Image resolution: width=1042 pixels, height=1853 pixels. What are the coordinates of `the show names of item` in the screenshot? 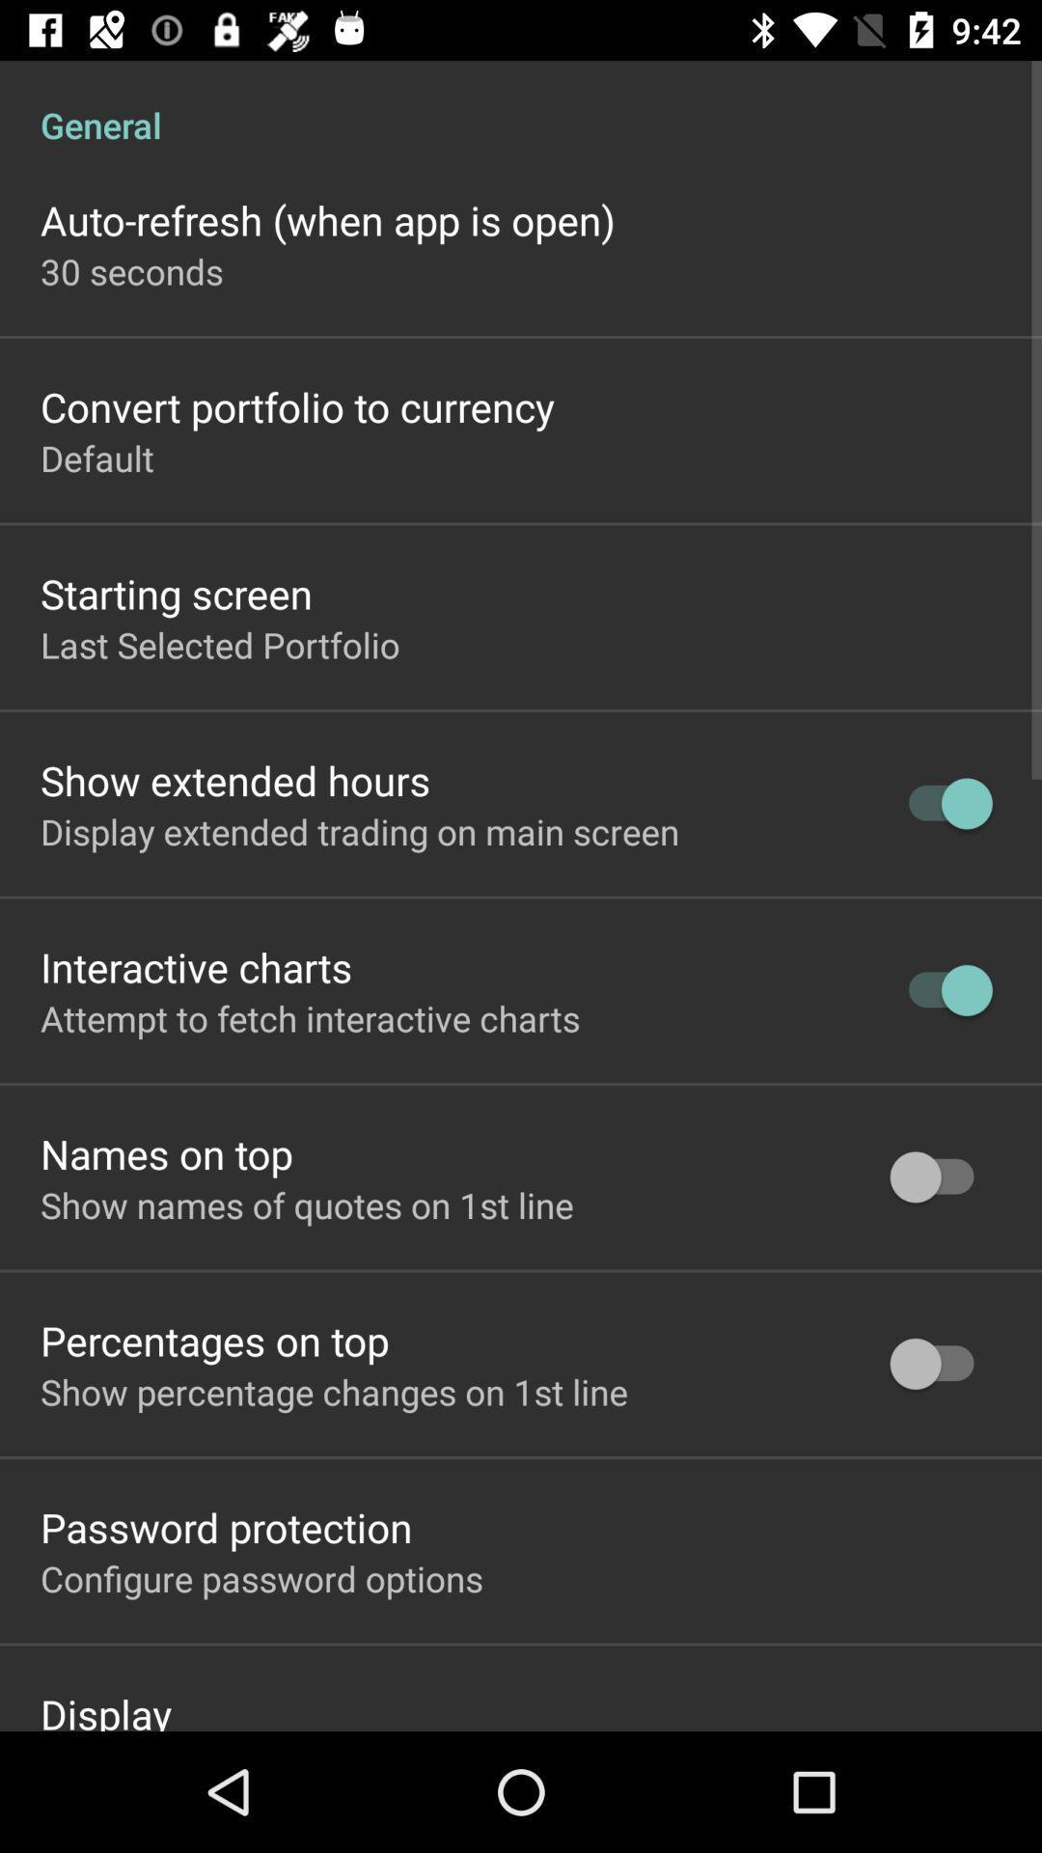 It's located at (306, 1203).